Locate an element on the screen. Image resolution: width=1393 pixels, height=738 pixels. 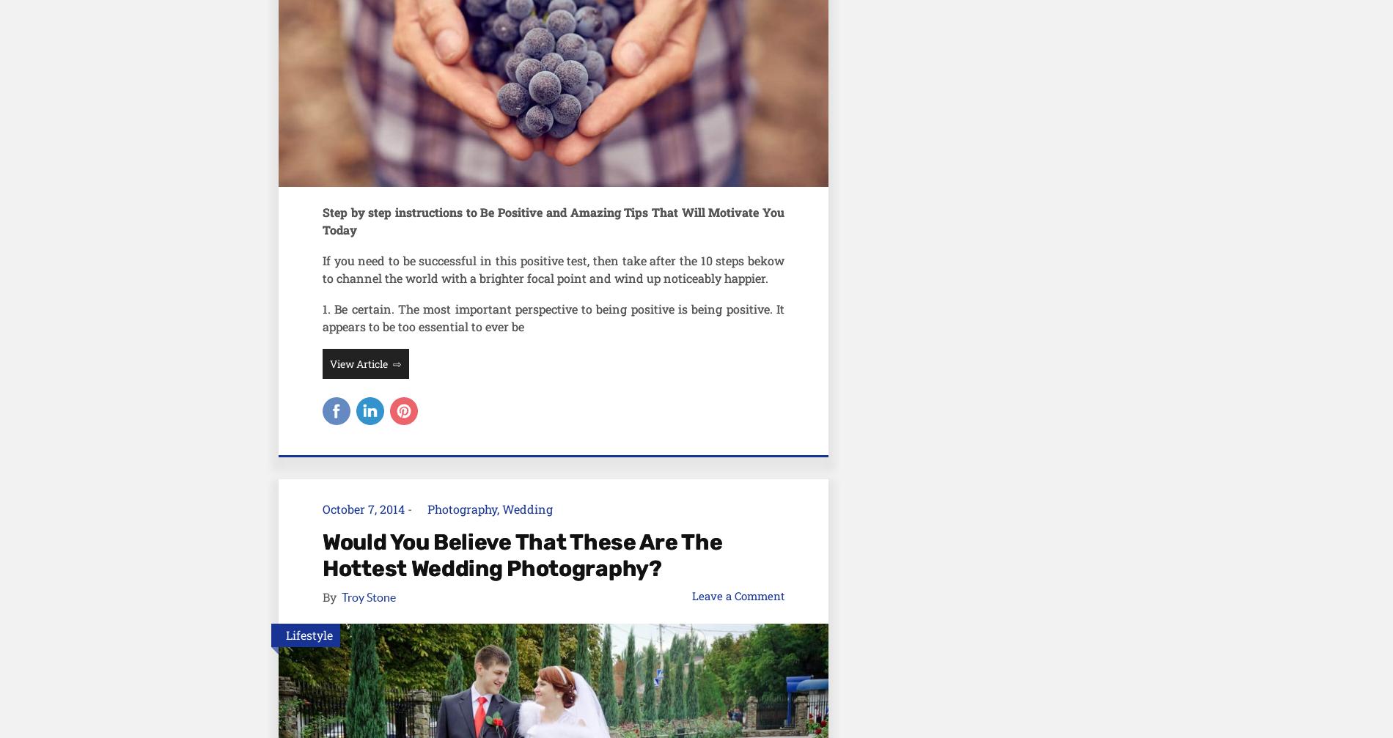
',' is located at coordinates (499, 507).